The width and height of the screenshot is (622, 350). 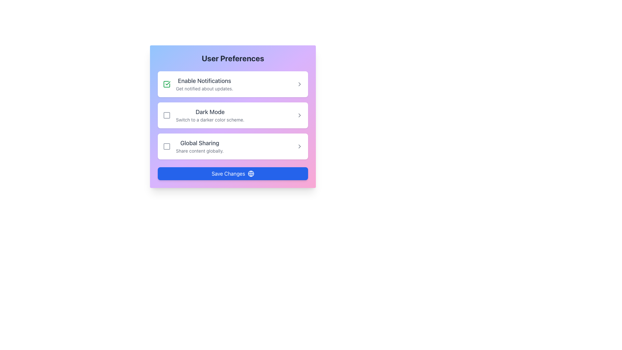 What do you see at coordinates (299, 115) in the screenshot?
I see `the chevron icon pointing to the right, which serves as a button` at bounding box center [299, 115].